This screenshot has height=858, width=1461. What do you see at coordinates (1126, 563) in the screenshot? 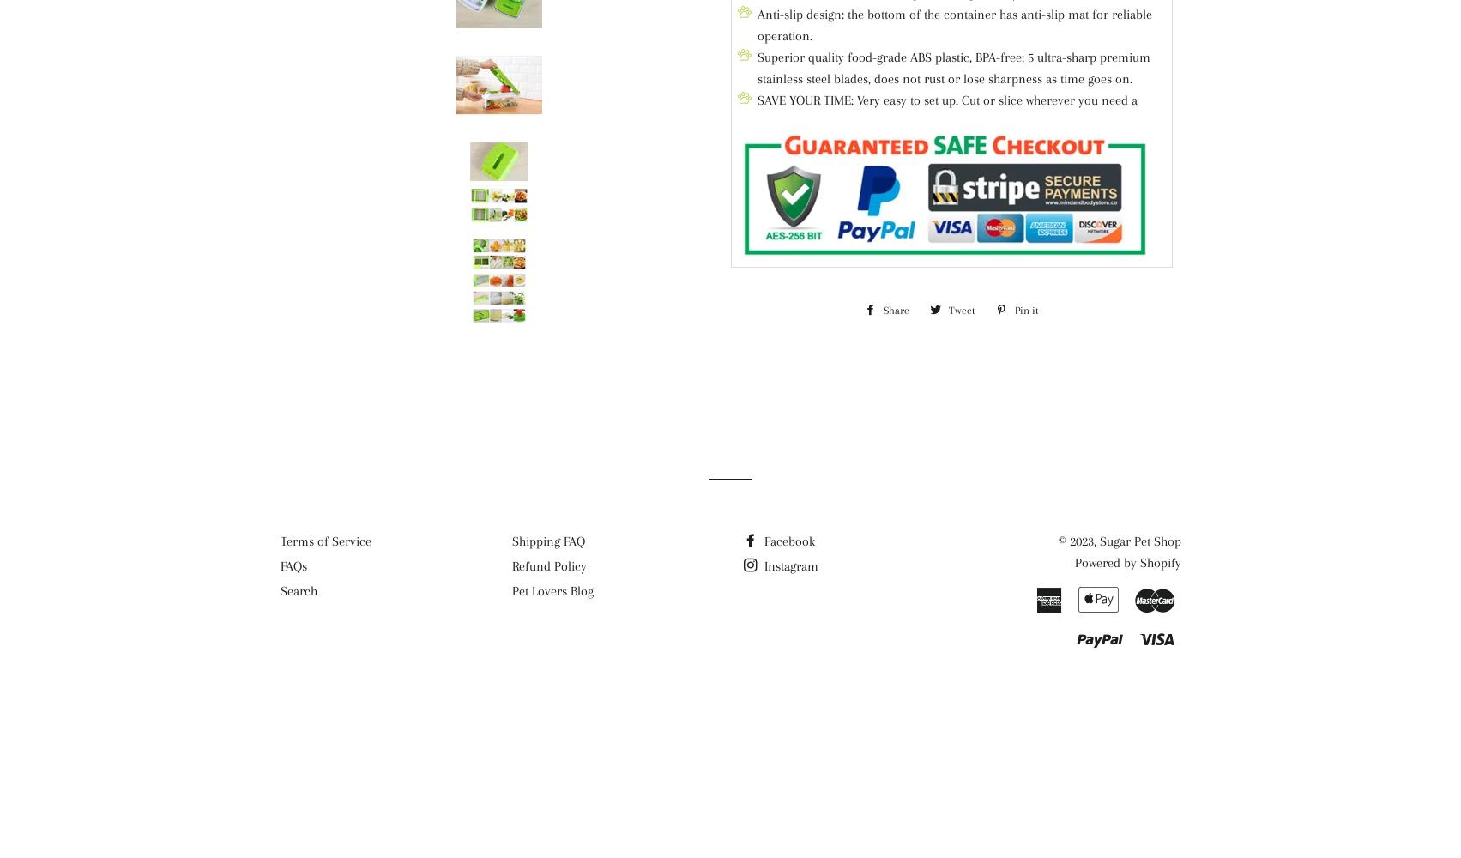
I see `'Powered by Shopify'` at bounding box center [1126, 563].